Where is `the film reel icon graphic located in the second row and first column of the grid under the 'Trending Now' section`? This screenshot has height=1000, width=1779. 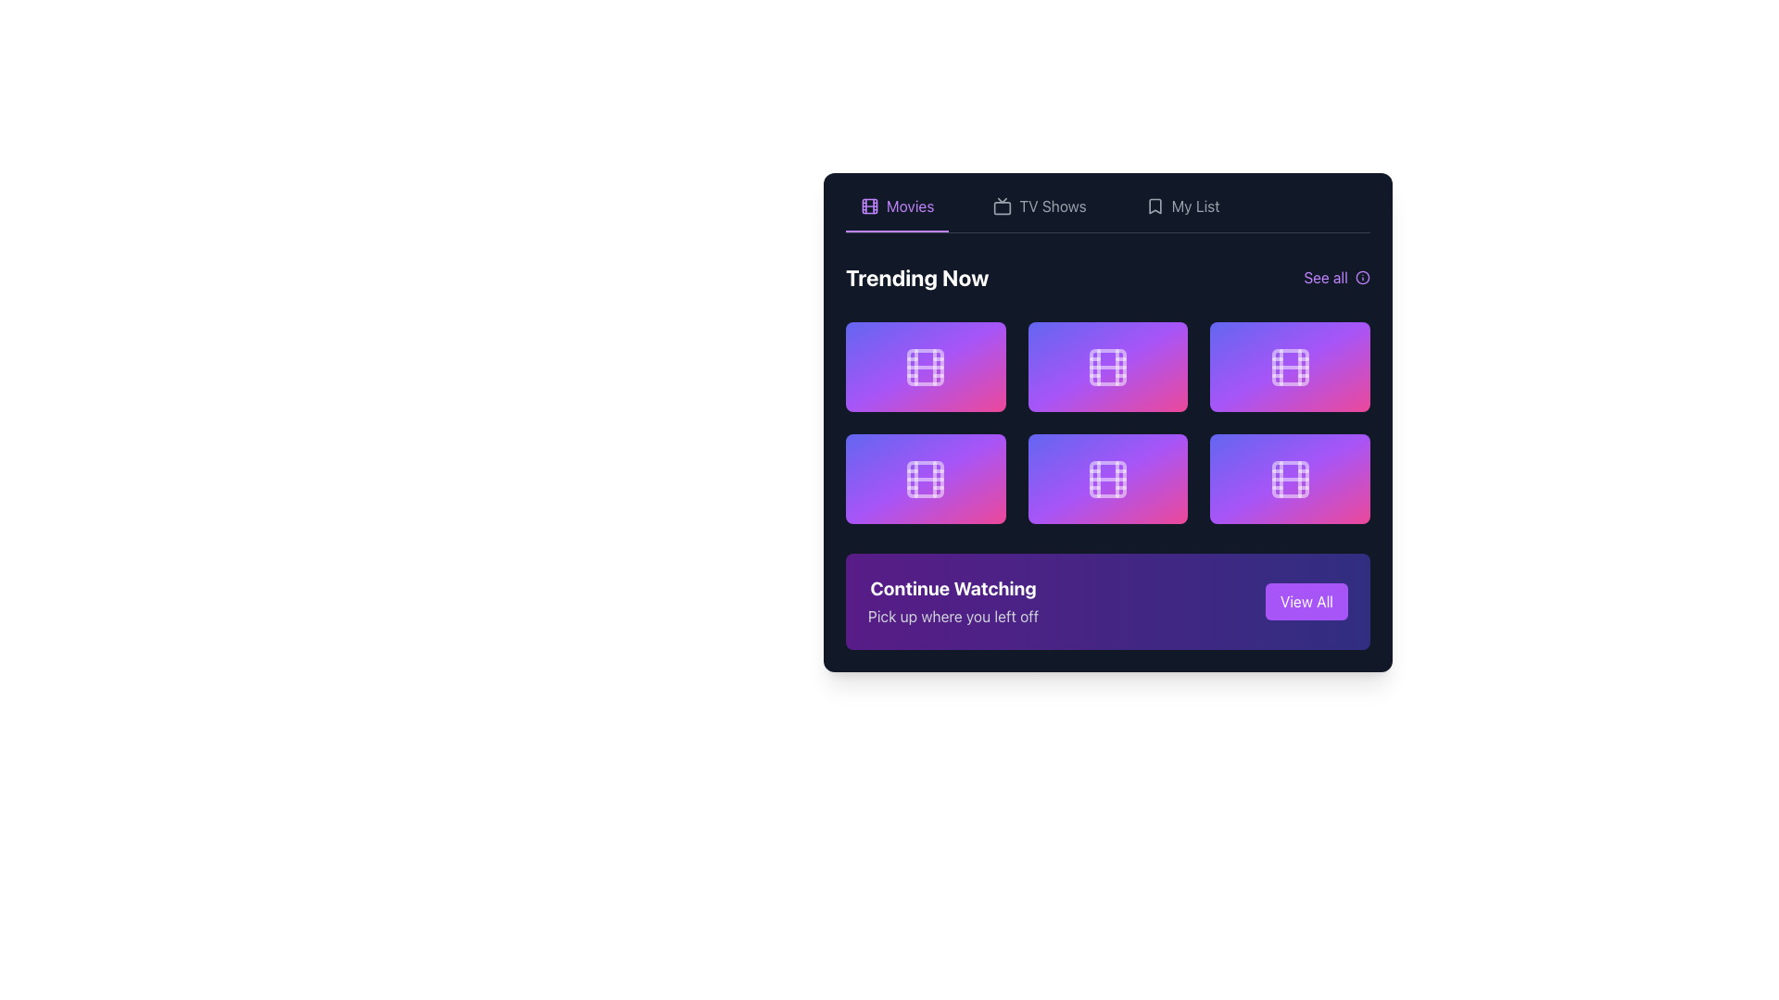
the film reel icon graphic located in the second row and first column of the grid under the 'Trending Now' section is located at coordinates (926, 478).